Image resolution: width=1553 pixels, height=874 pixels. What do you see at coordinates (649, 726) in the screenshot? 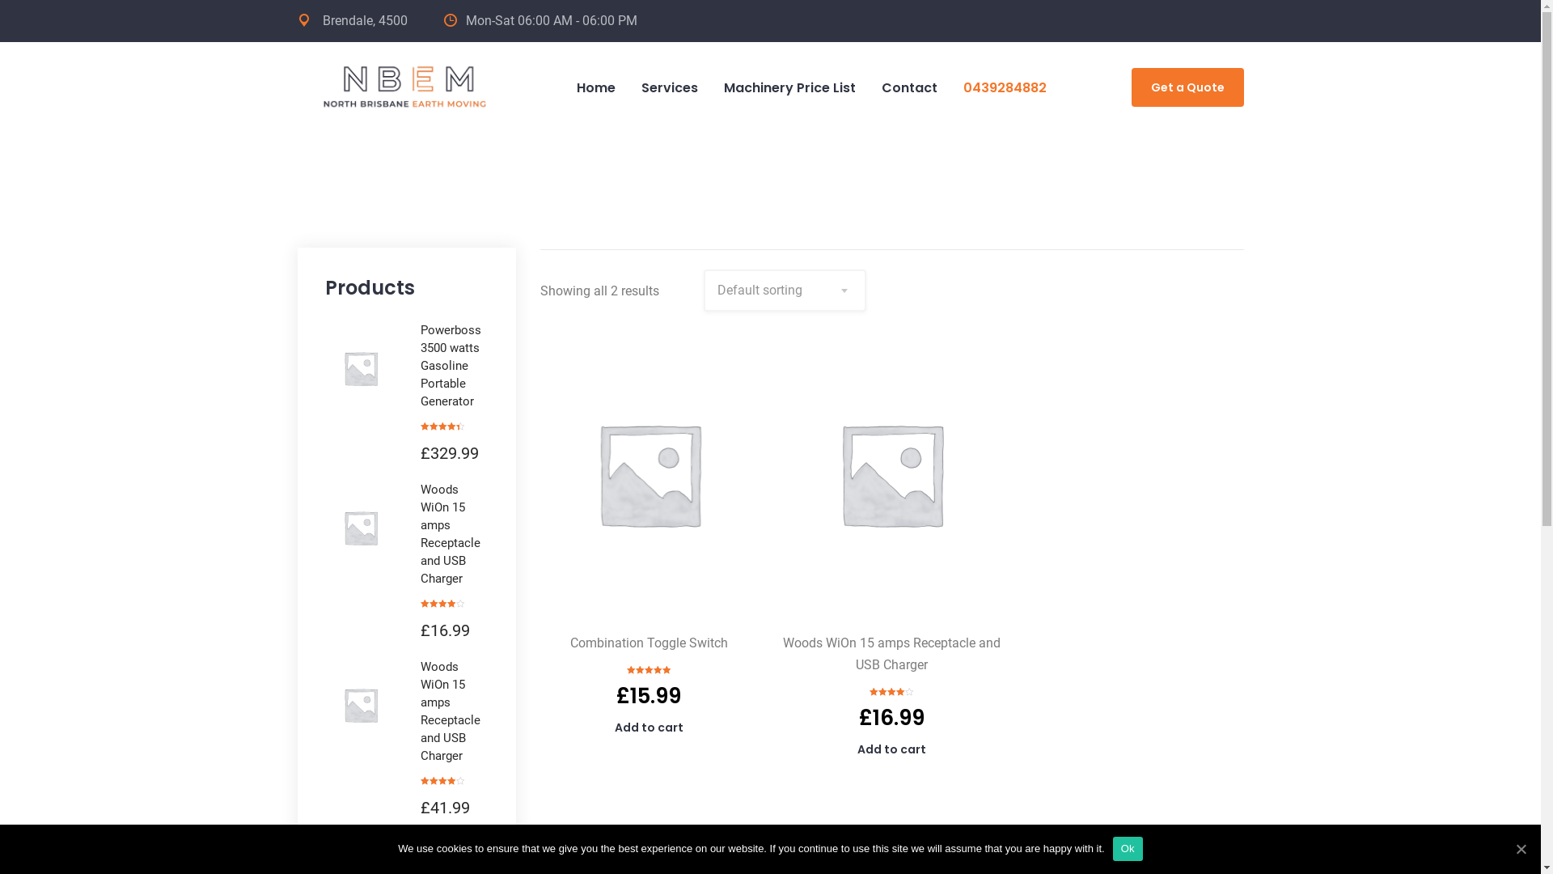
I see `'Add to cart'` at bounding box center [649, 726].